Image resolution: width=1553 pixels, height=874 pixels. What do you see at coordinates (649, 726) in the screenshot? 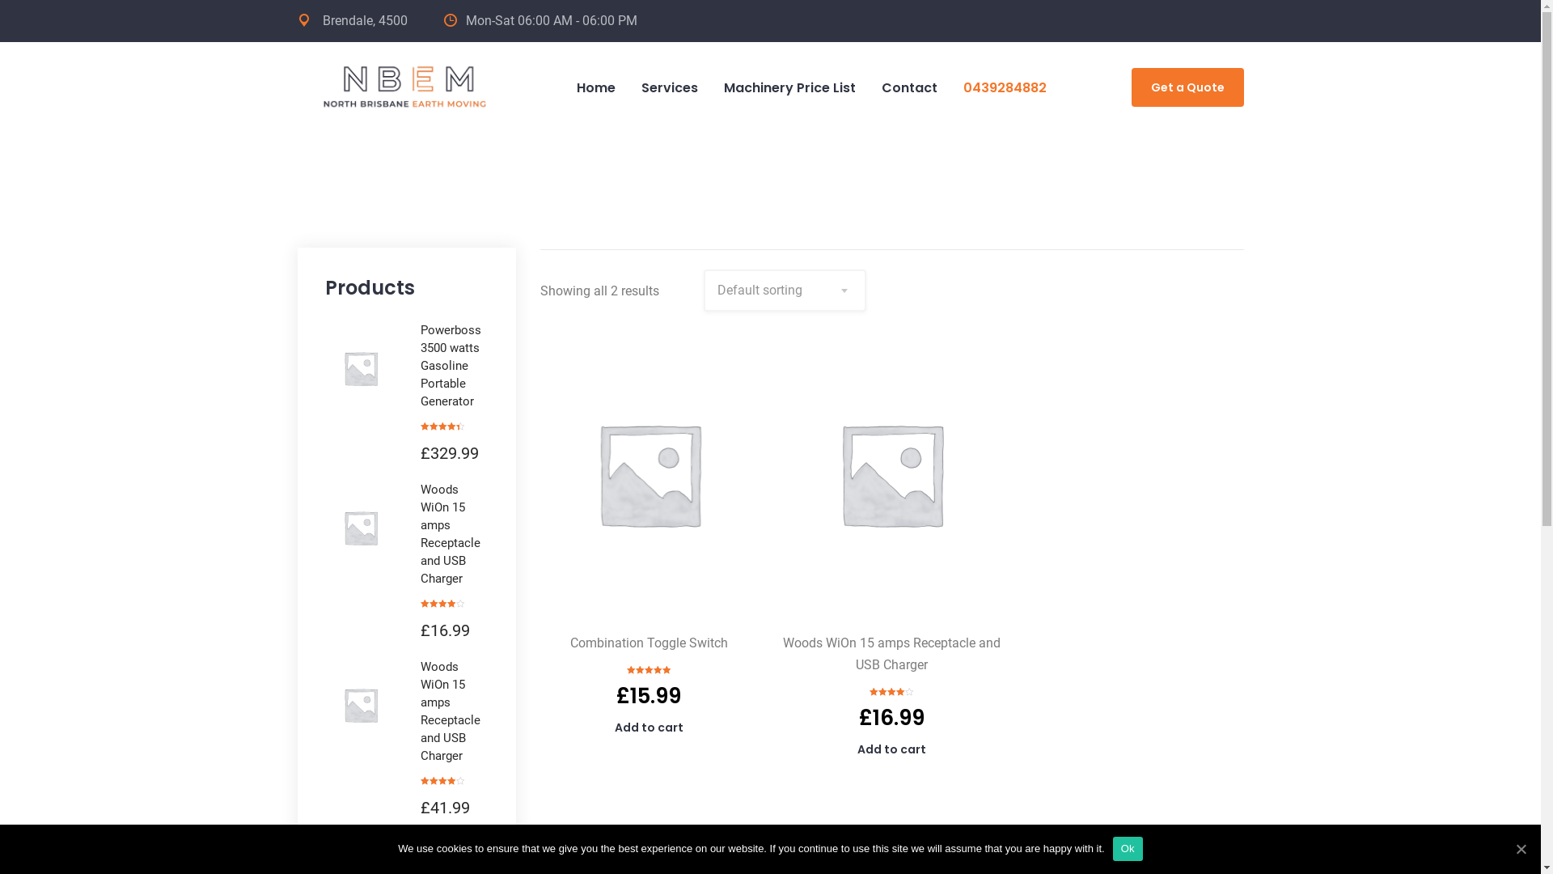
I see `'Add to cart'` at bounding box center [649, 726].